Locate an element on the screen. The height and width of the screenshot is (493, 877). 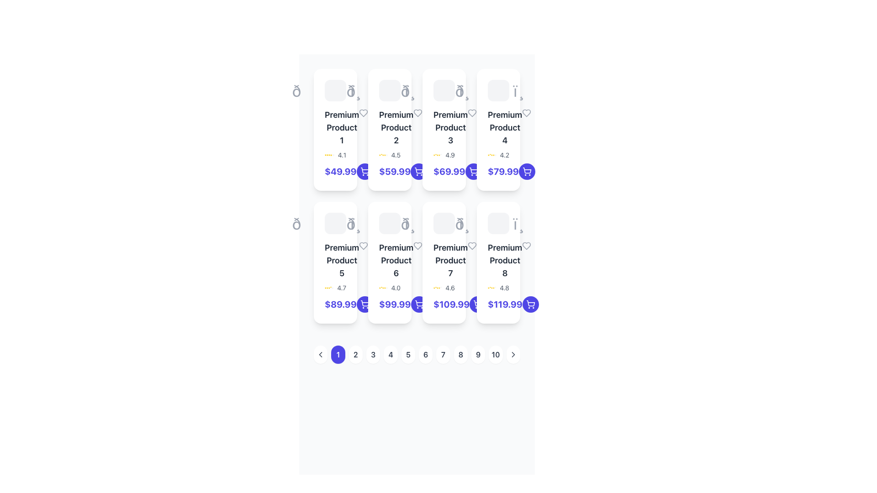
the bold, indigo-colored price display '$99.99' located at the bottom center of the 'Premium Product 6' card, positioned above the shopping cart button is located at coordinates (390, 304).